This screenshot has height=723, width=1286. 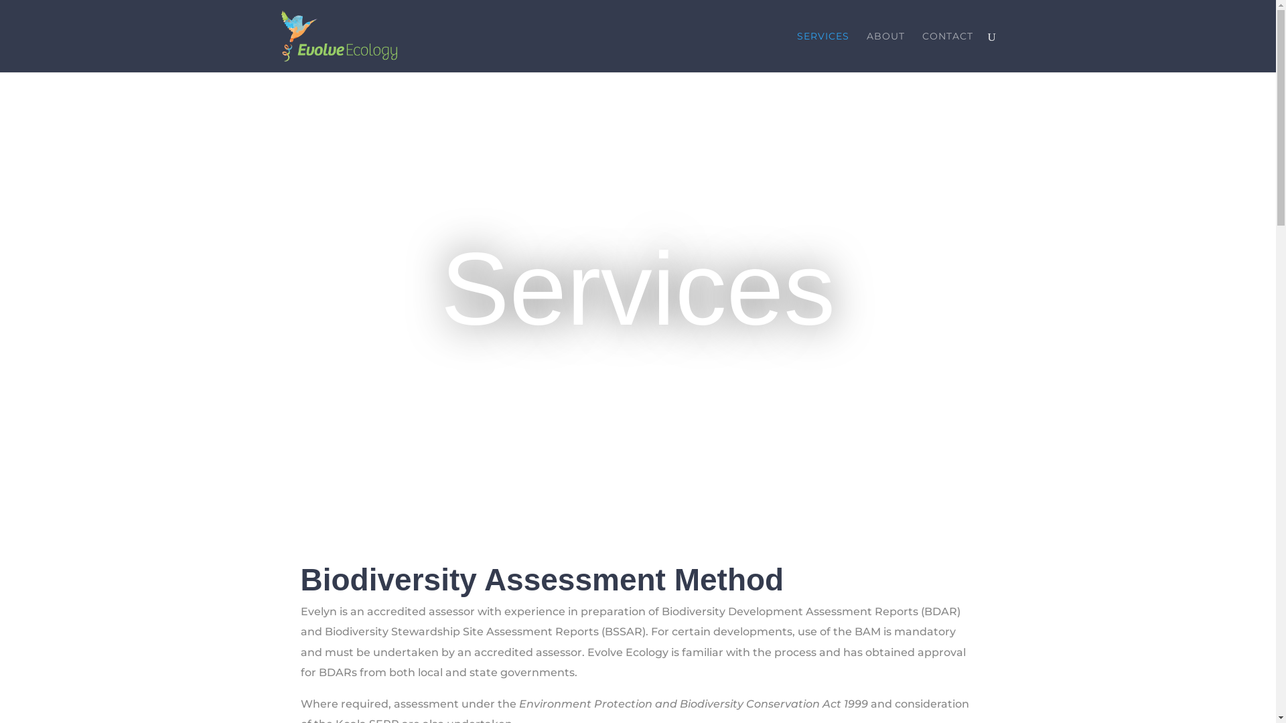 What do you see at coordinates (946, 51) in the screenshot?
I see `'CONTACT'` at bounding box center [946, 51].